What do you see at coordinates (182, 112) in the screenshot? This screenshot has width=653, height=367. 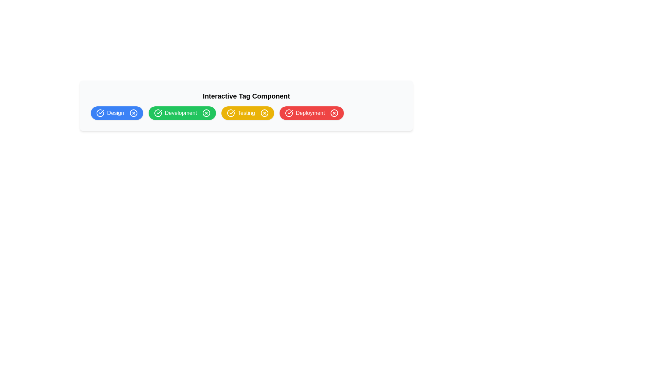 I see `the 'Development' tag component, which is the second button from the left in a group of four buttons, positioned between the 'Design' button (blue background) and the 'Testing' button (yellow background)` at bounding box center [182, 112].